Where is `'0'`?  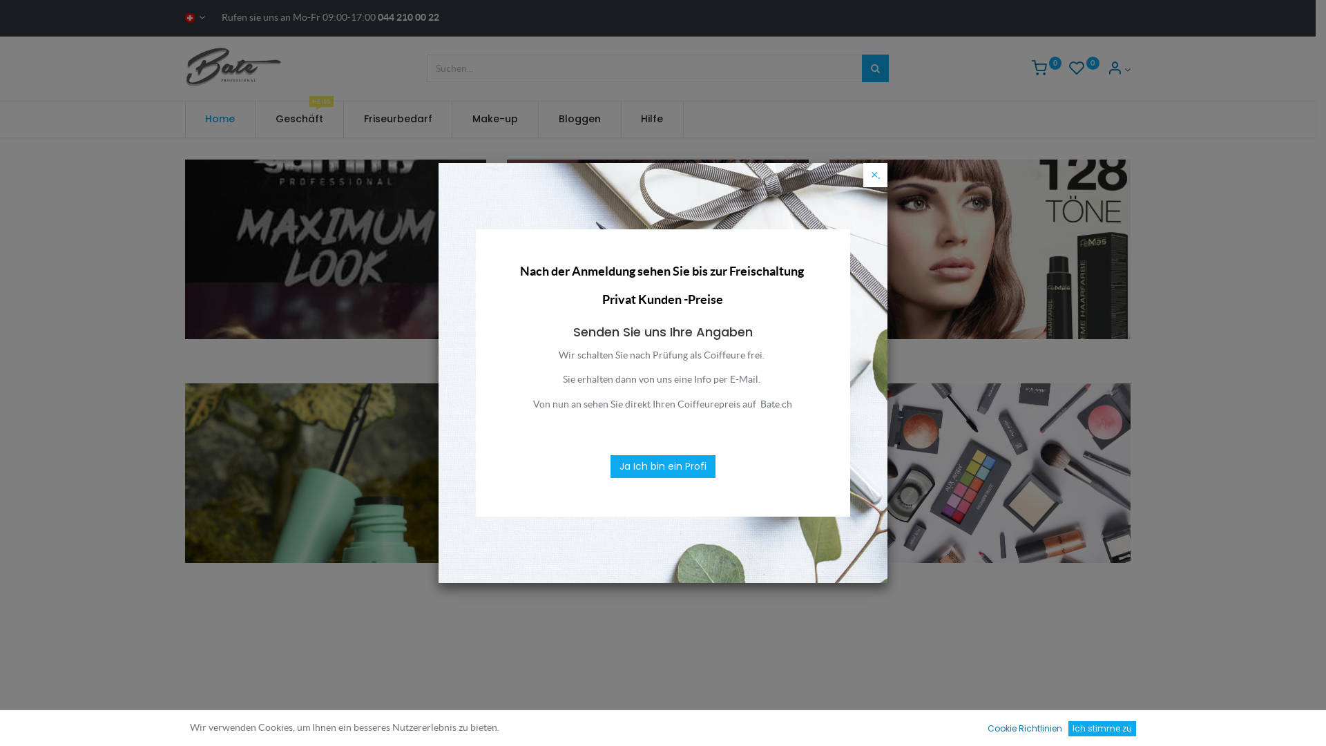 '0' is located at coordinates (1031, 69).